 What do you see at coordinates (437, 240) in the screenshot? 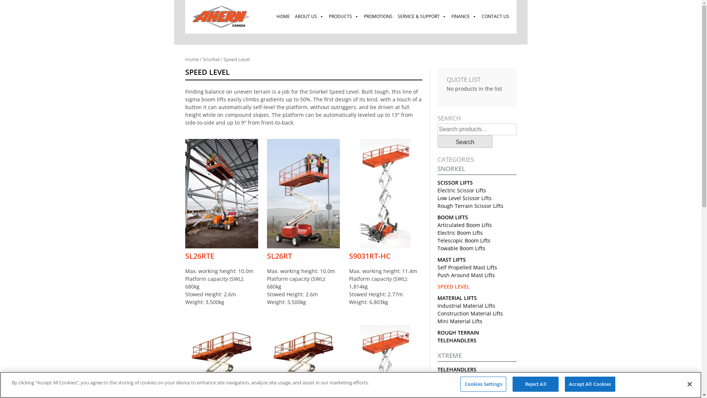
I see `'Telescopic Boom Lifts'` at bounding box center [437, 240].